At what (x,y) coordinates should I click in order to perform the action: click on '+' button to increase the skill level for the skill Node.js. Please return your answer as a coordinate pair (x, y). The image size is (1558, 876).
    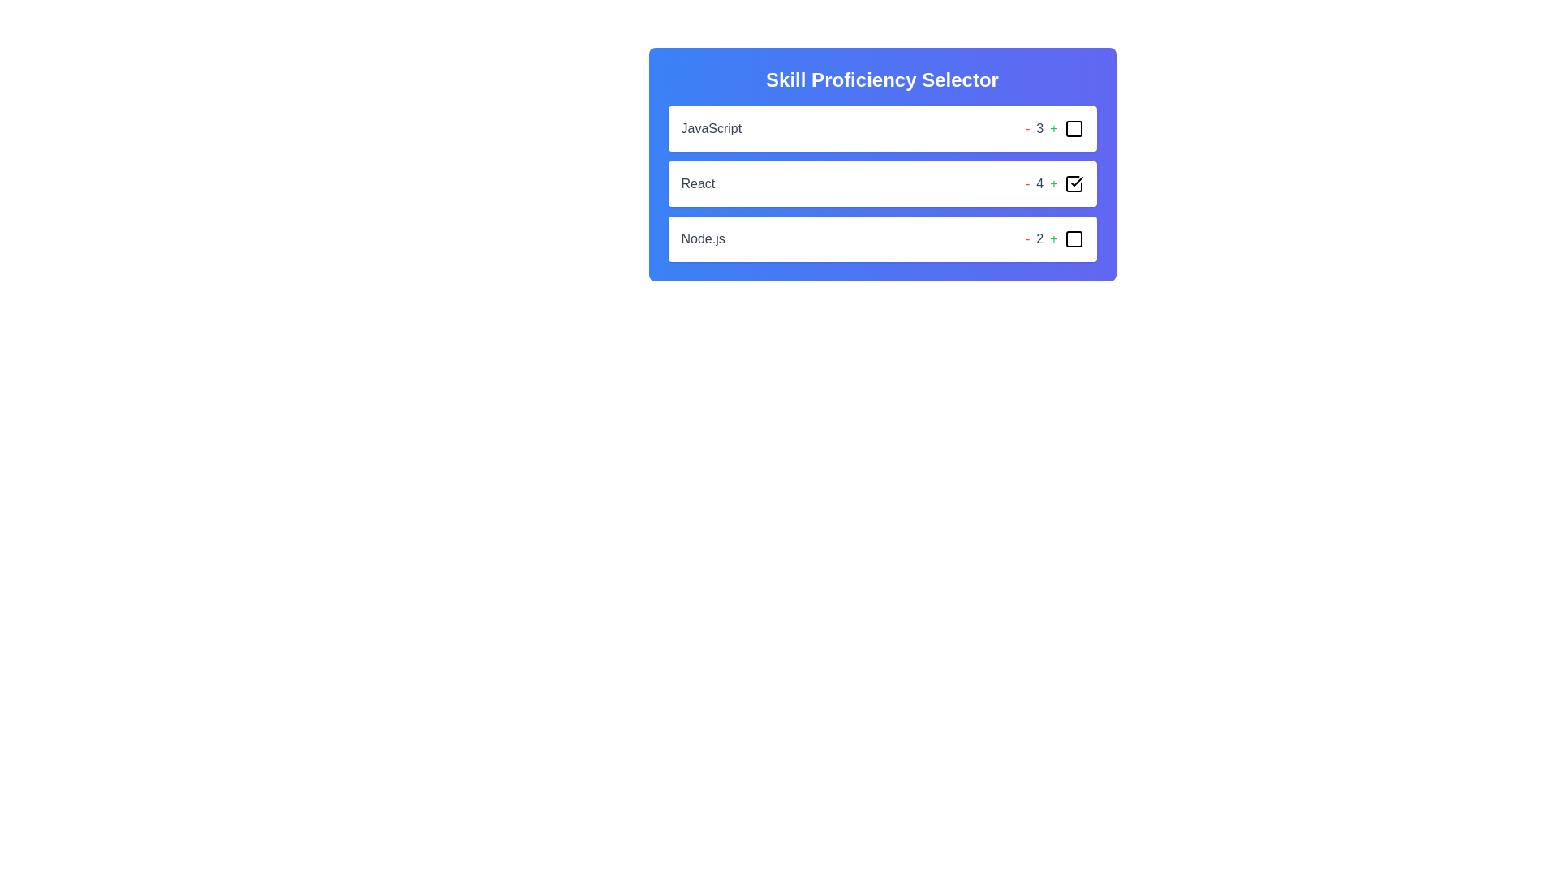
    Looking at the image, I should click on (1053, 238).